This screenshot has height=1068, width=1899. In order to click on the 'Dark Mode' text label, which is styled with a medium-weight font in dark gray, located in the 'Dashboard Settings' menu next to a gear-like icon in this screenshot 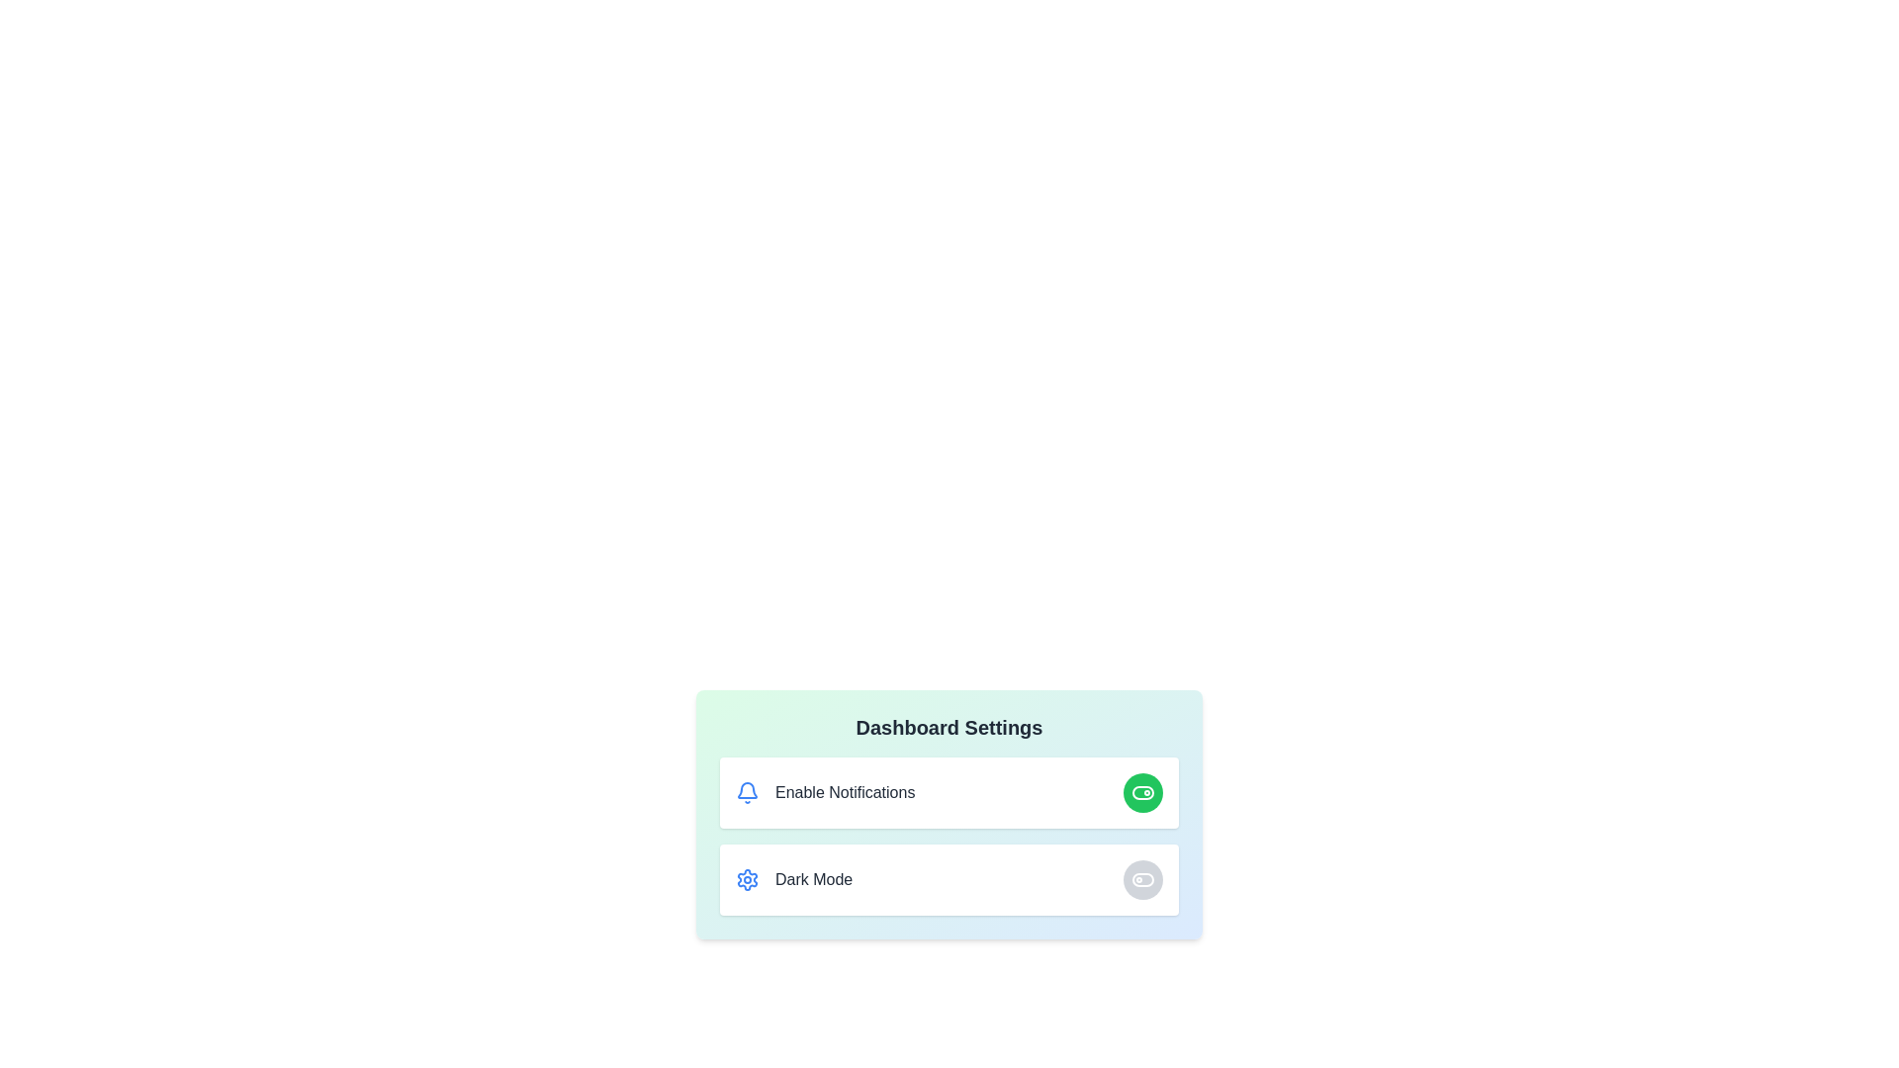, I will do `click(814, 879)`.